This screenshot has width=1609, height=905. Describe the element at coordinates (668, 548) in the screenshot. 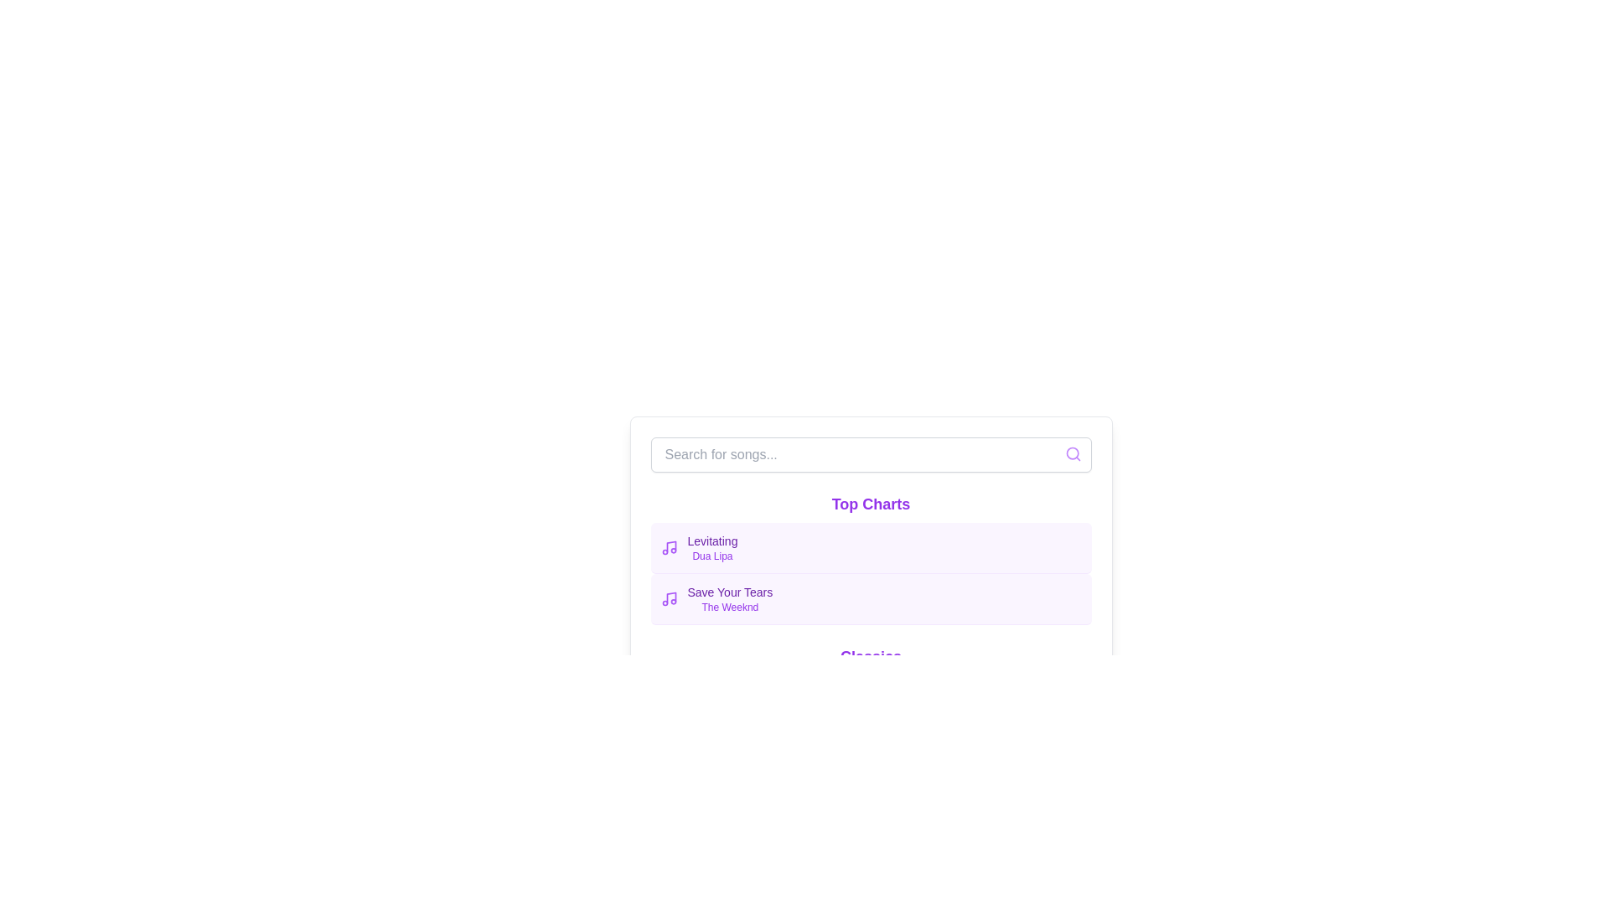

I see `the music icon representing the song 'Levitating' by Dua Lipa, which is located in the 'Top Charts' section and is positioned to the left of the text` at that location.